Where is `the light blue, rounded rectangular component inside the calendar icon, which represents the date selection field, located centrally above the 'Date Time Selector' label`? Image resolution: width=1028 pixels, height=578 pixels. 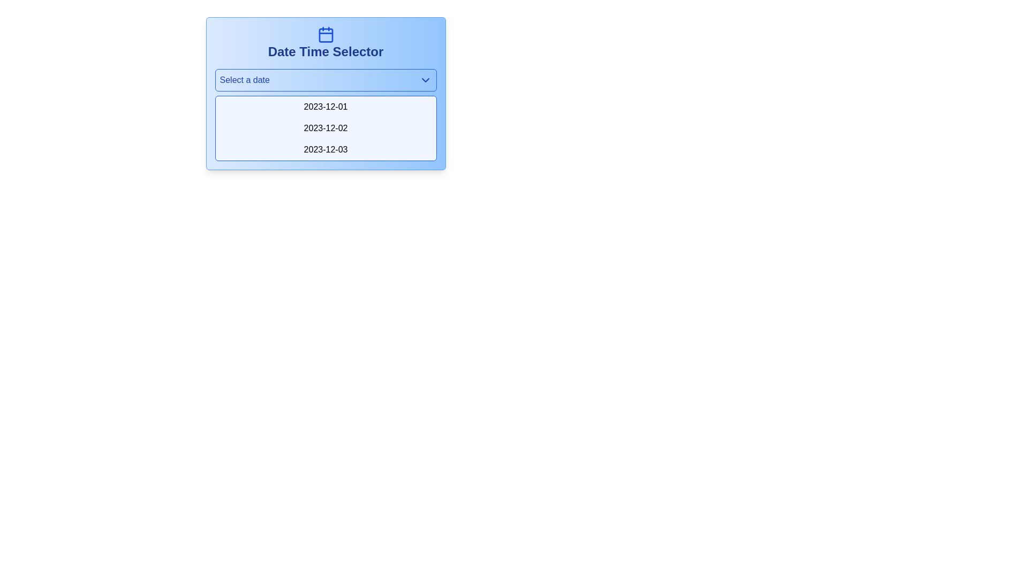
the light blue, rounded rectangular component inside the calendar icon, which represents the date selection field, located centrally above the 'Date Time Selector' label is located at coordinates (325, 35).